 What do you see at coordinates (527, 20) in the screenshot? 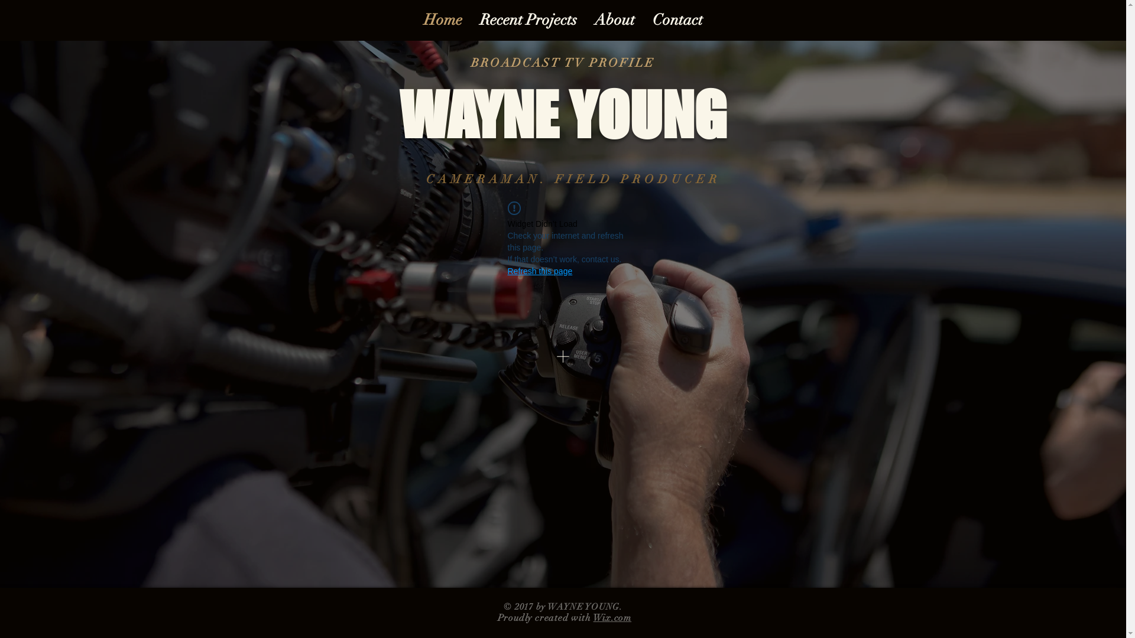
I see `'Recent Projects'` at bounding box center [527, 20].